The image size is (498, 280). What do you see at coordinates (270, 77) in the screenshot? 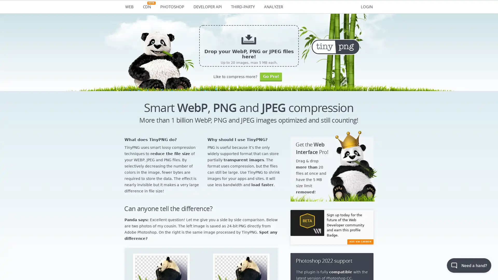
I see `Go Pro!` at bounding box center [270, 77].